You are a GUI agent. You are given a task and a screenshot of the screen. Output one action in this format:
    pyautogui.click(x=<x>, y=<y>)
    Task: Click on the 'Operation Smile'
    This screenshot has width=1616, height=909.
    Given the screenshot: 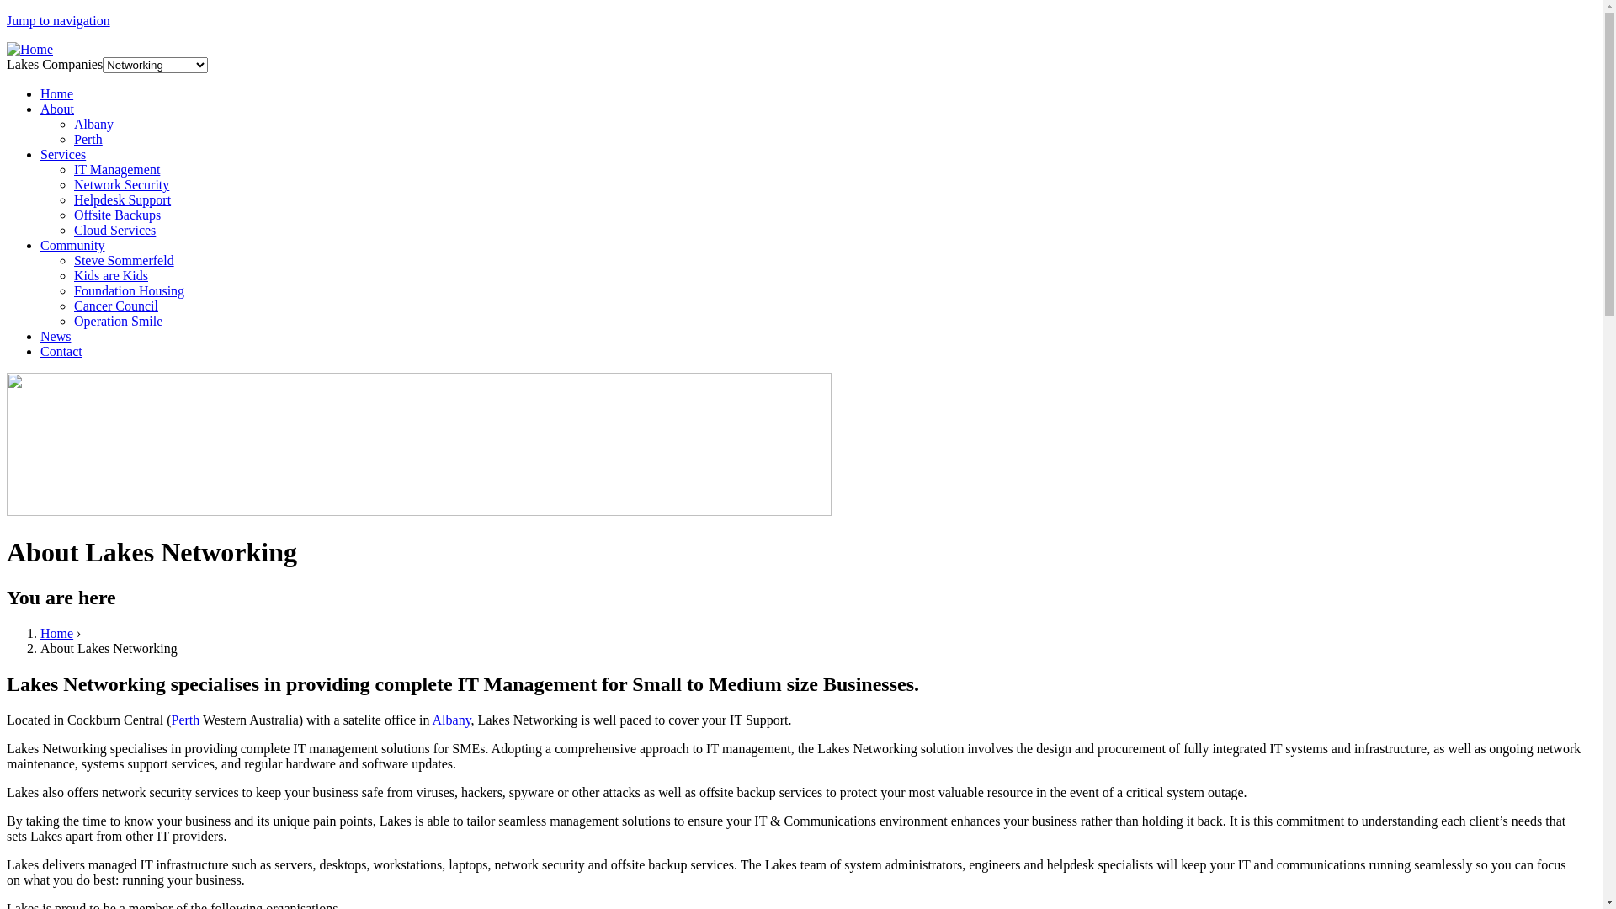 What is the action you would take?
    pyautogui.click(x=117, y=321)
    